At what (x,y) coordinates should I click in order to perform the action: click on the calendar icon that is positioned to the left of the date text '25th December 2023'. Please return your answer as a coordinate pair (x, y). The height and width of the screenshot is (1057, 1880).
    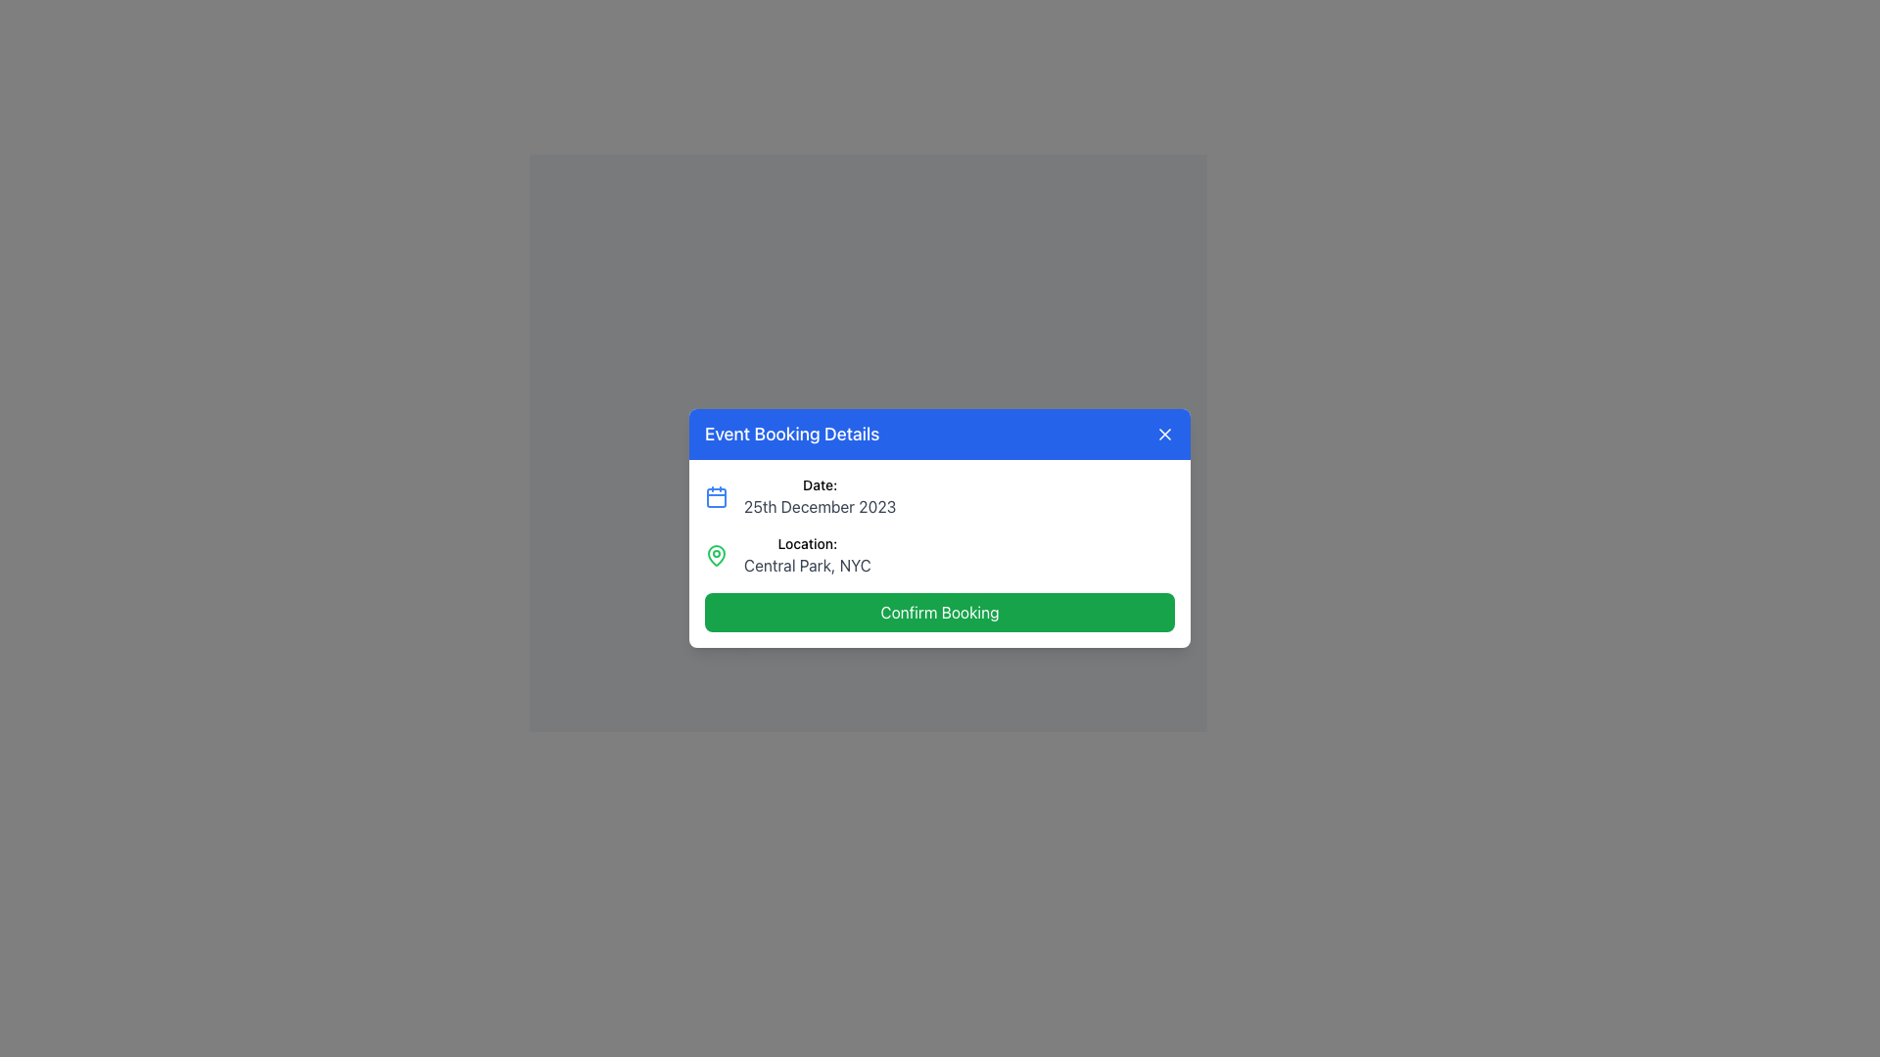
    Looking at the image, I should click on (715, 496).